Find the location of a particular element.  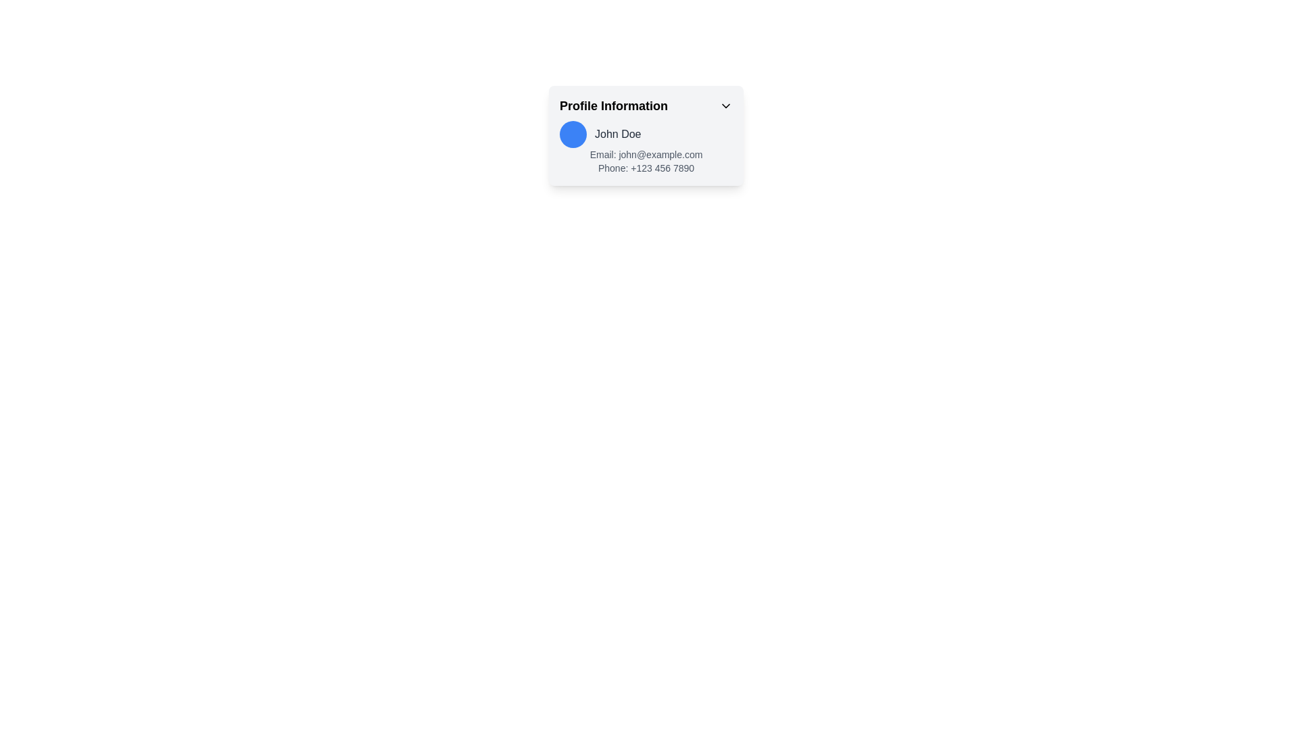

the 'Profile Information' toggleable header element, which is a bold, large text label accompanied by a chevron-down icon, positioned at the top center of a rounded rectangular card is located at coordinates (645, 105).